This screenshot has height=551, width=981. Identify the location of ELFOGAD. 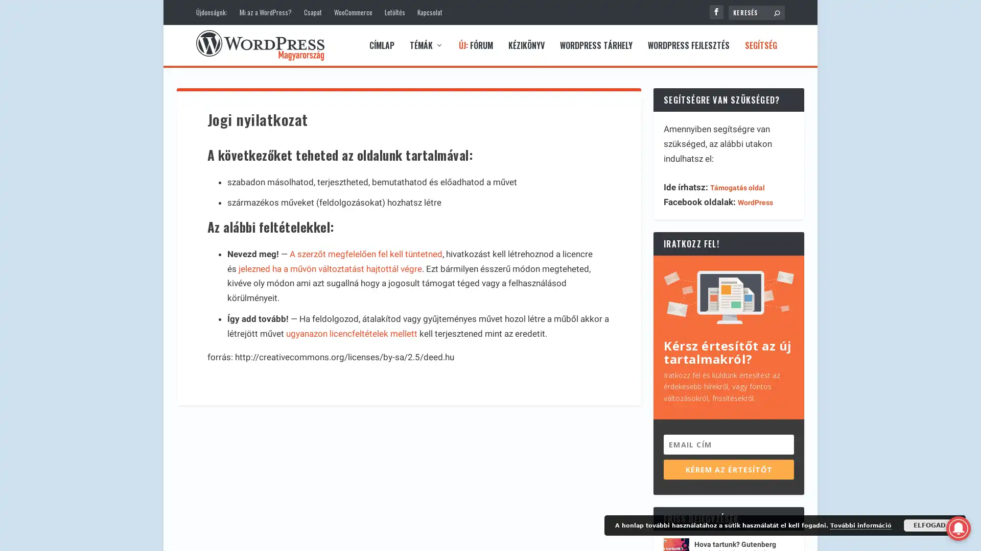
(929, 525).